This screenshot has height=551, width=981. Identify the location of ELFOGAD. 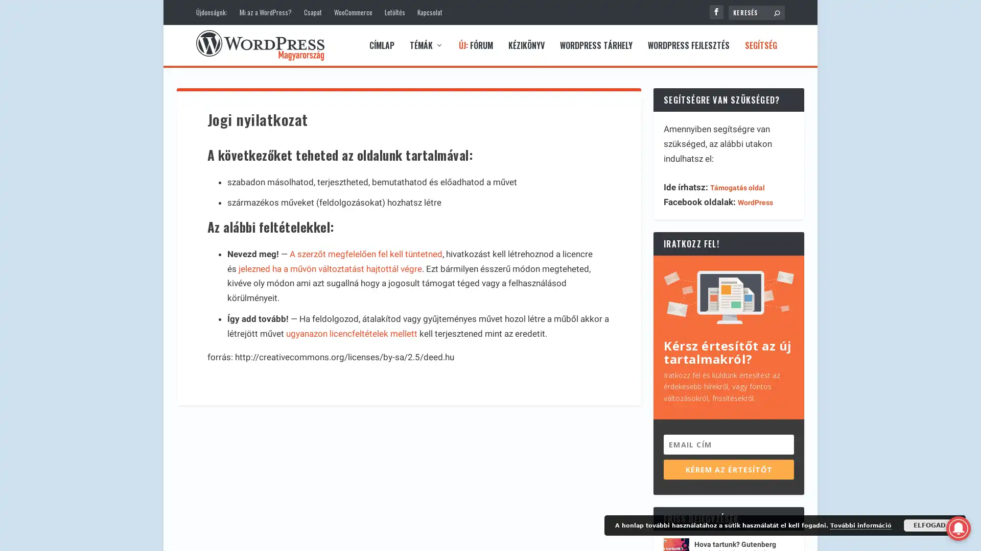
(929, 525).